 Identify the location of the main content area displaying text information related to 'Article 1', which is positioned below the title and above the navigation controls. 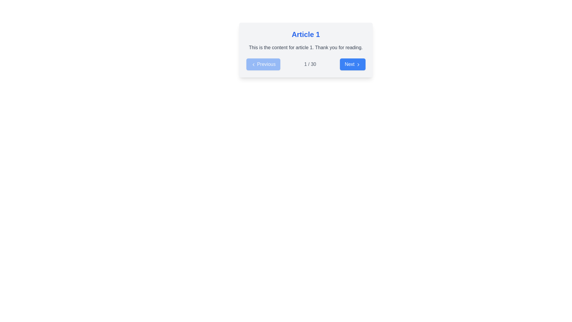
(306, 47).